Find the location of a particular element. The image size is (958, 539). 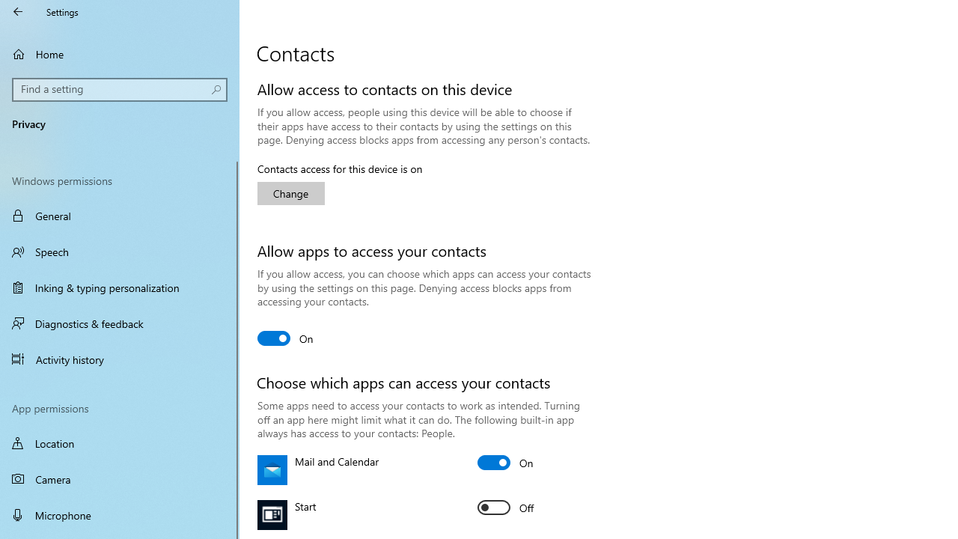

'Camera' is located at coordinates (120, 479).